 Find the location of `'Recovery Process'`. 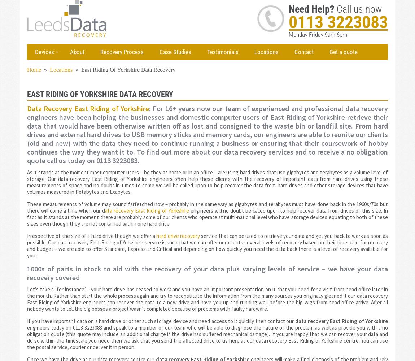

'Recovery Process' is located at coordinates (122, 52).